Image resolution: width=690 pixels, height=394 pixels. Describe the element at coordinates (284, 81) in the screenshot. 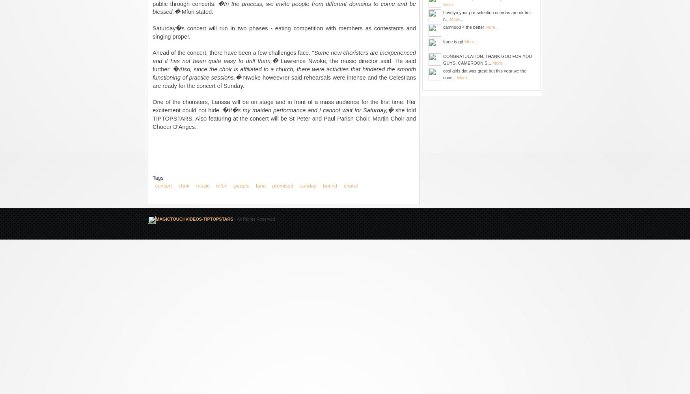

I see `'Nwoke howeevrer said rehearsals were intense and the Celestians are ready for the concert of Sunday.'` at that location.